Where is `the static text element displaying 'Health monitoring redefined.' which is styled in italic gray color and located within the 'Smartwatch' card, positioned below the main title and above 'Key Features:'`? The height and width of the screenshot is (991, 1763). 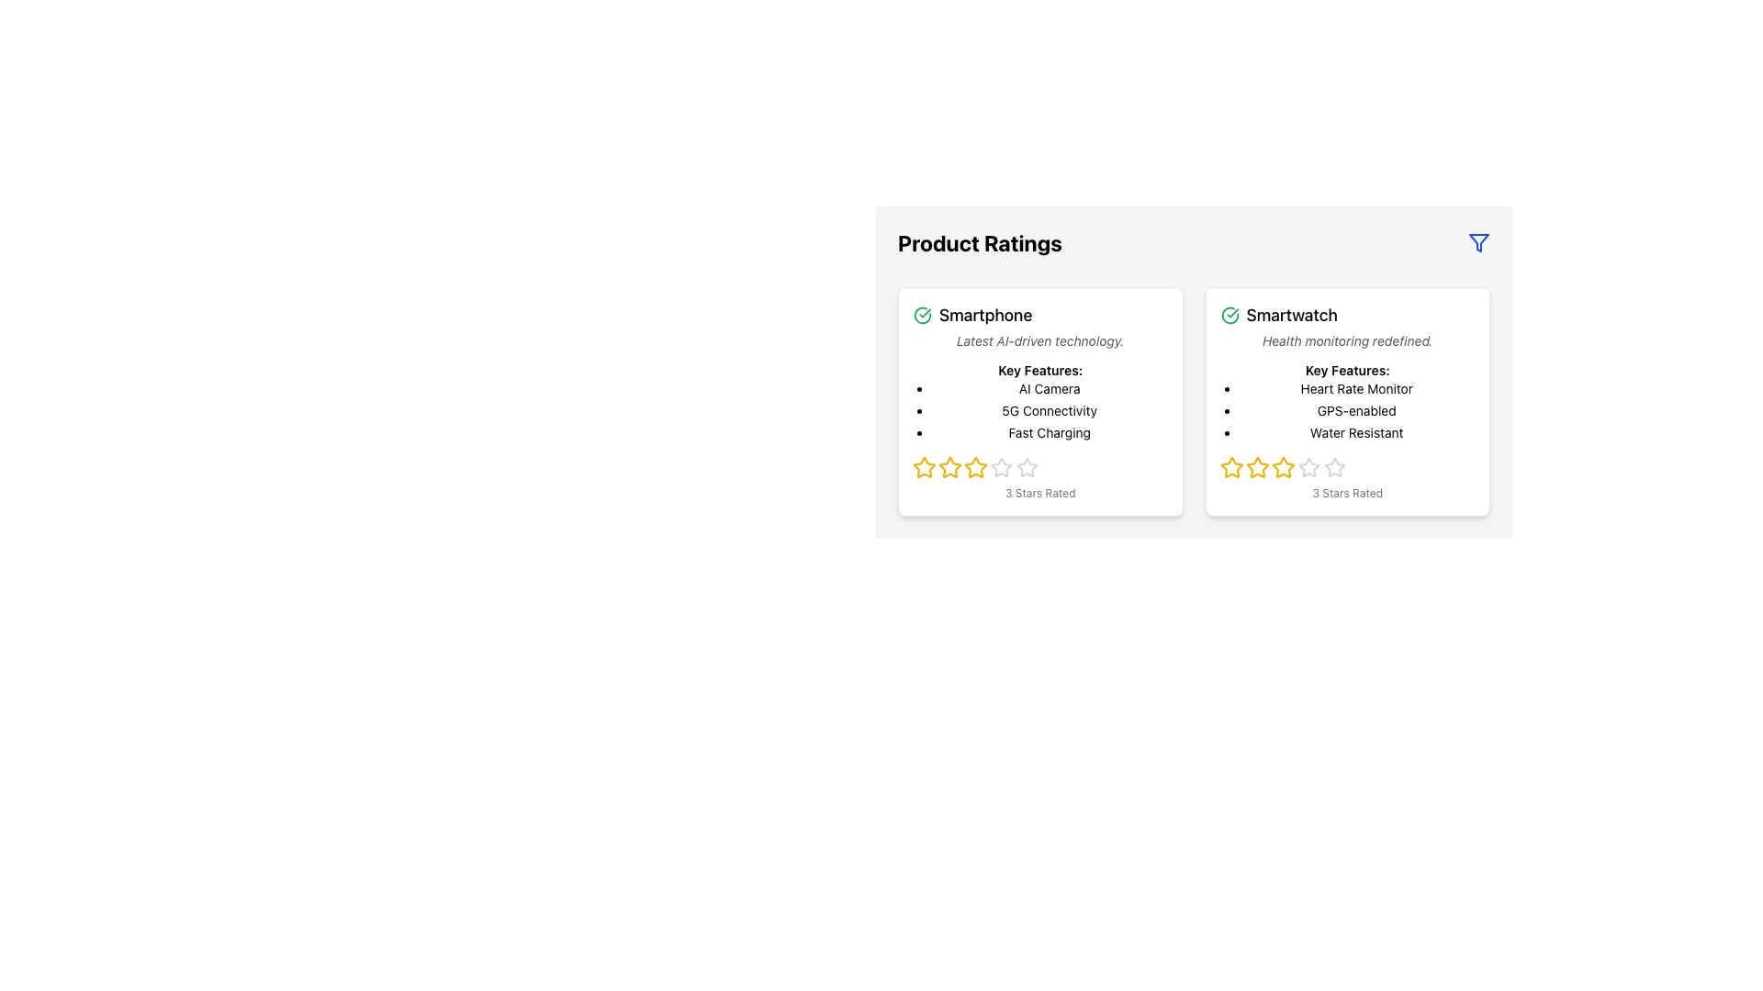
the static text element displaying 'Health monitoring redefined.' which is styled in italic gray color and located within the 'Smartwatch' card, positioned below the main title and above 'Key Features:' is located at coordinates (1347, 340).